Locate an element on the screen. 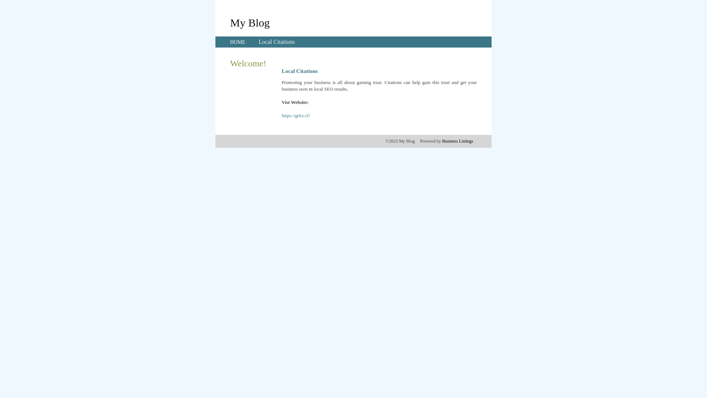 This screenshot has width=707, height=398. 'Local Citations' is located at coordinates (276, 42).